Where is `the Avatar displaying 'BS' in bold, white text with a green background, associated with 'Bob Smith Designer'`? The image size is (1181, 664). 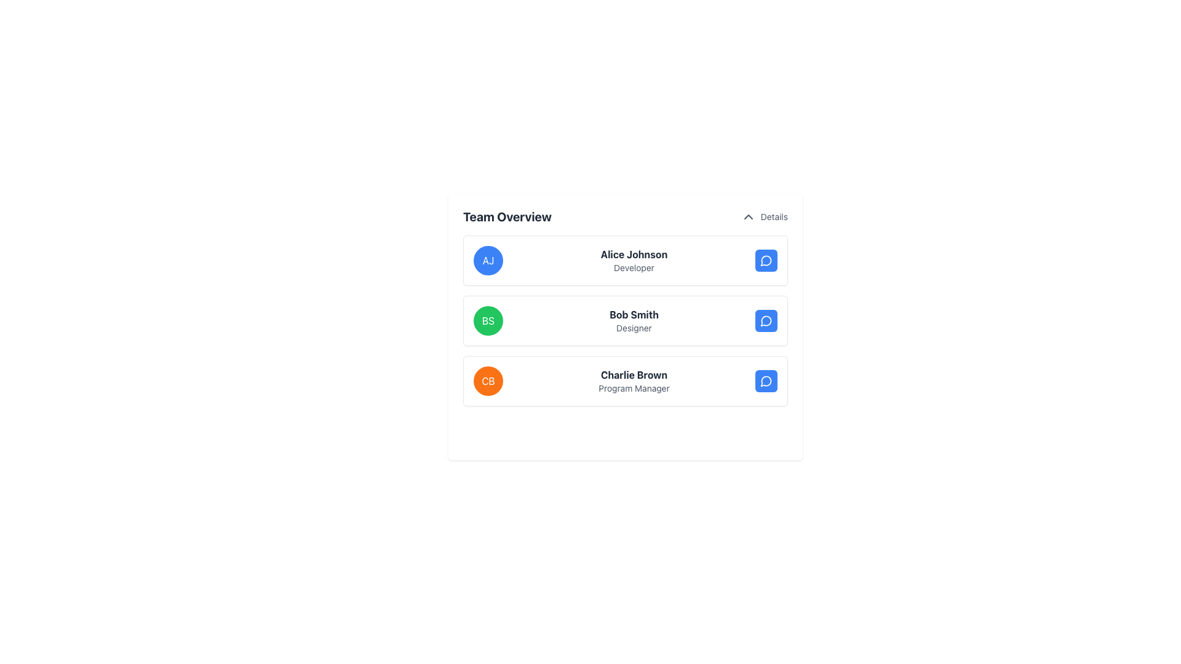
the Avatar displaying 'BS' in bold, white text with a green background, associated with 'Bob Smith Designer' is located at coordinates (487, 320).